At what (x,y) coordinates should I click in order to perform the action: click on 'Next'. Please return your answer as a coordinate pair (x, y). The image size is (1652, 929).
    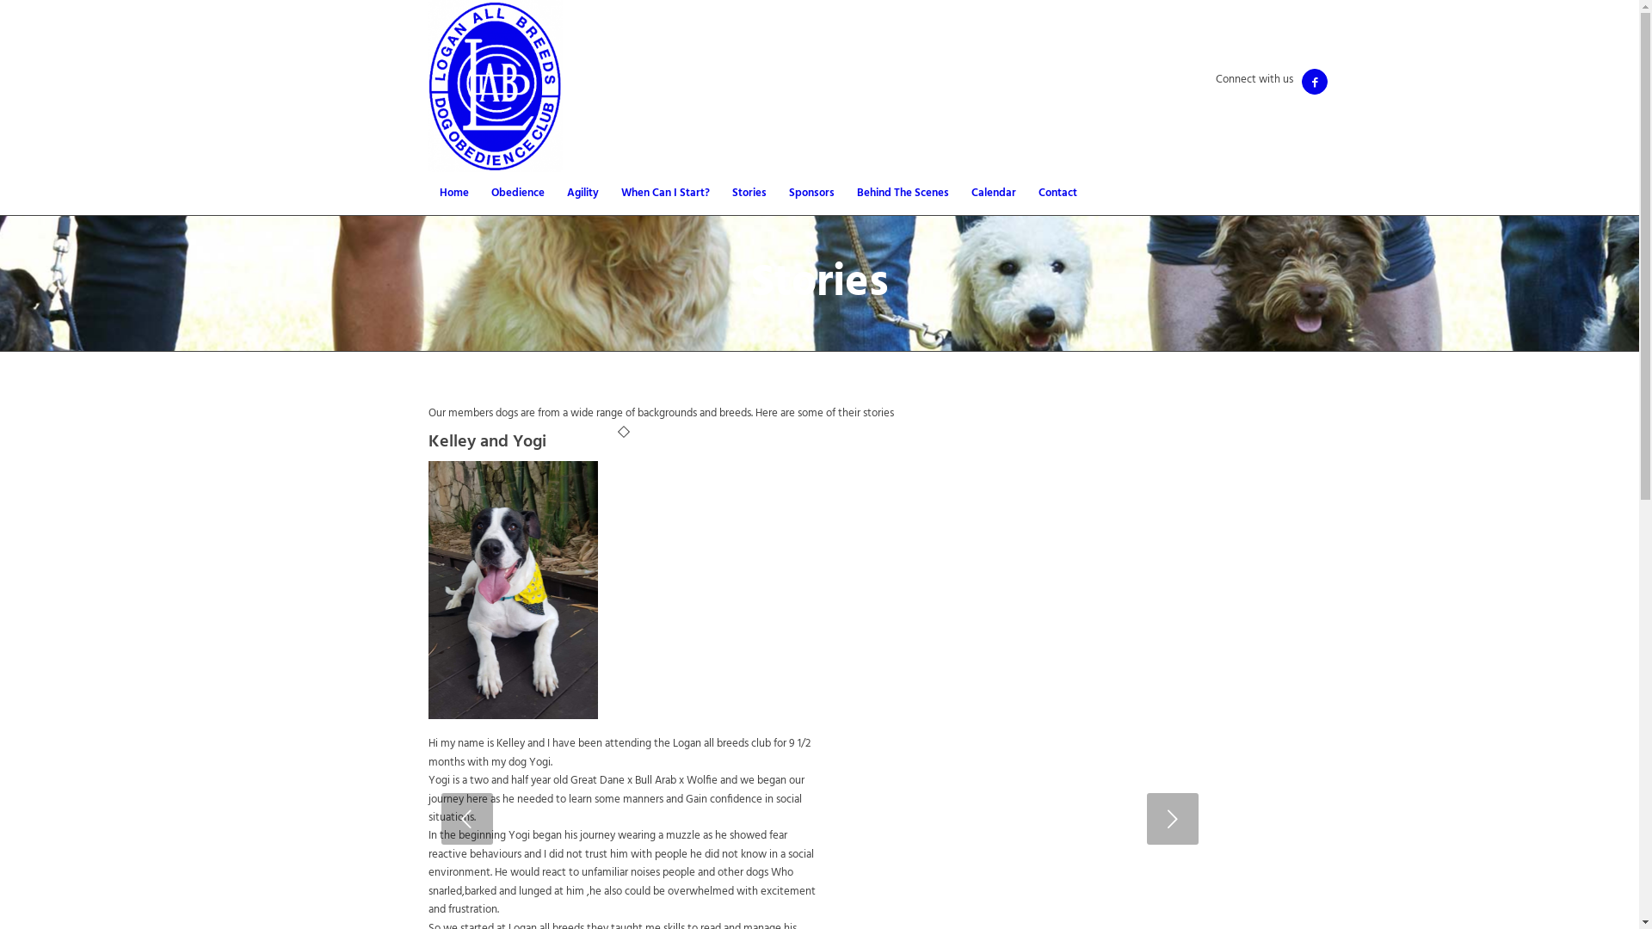
    Looking at the image, I should click on (1171, 818).